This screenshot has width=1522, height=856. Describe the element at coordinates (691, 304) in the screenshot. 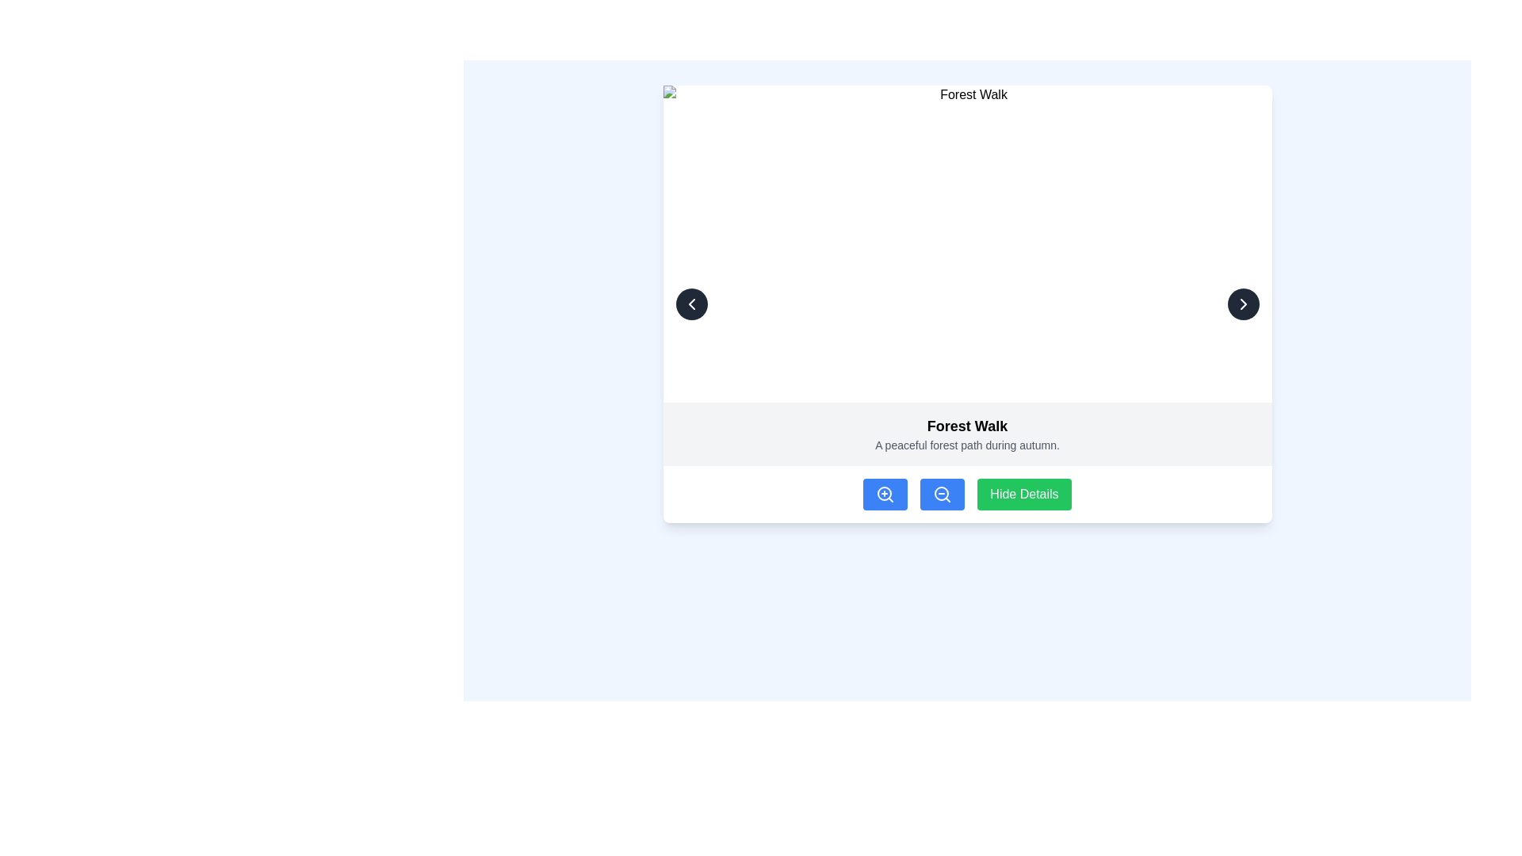

I see `the left-pointing chevron icon within the circular button to change the button's background color` at that location.